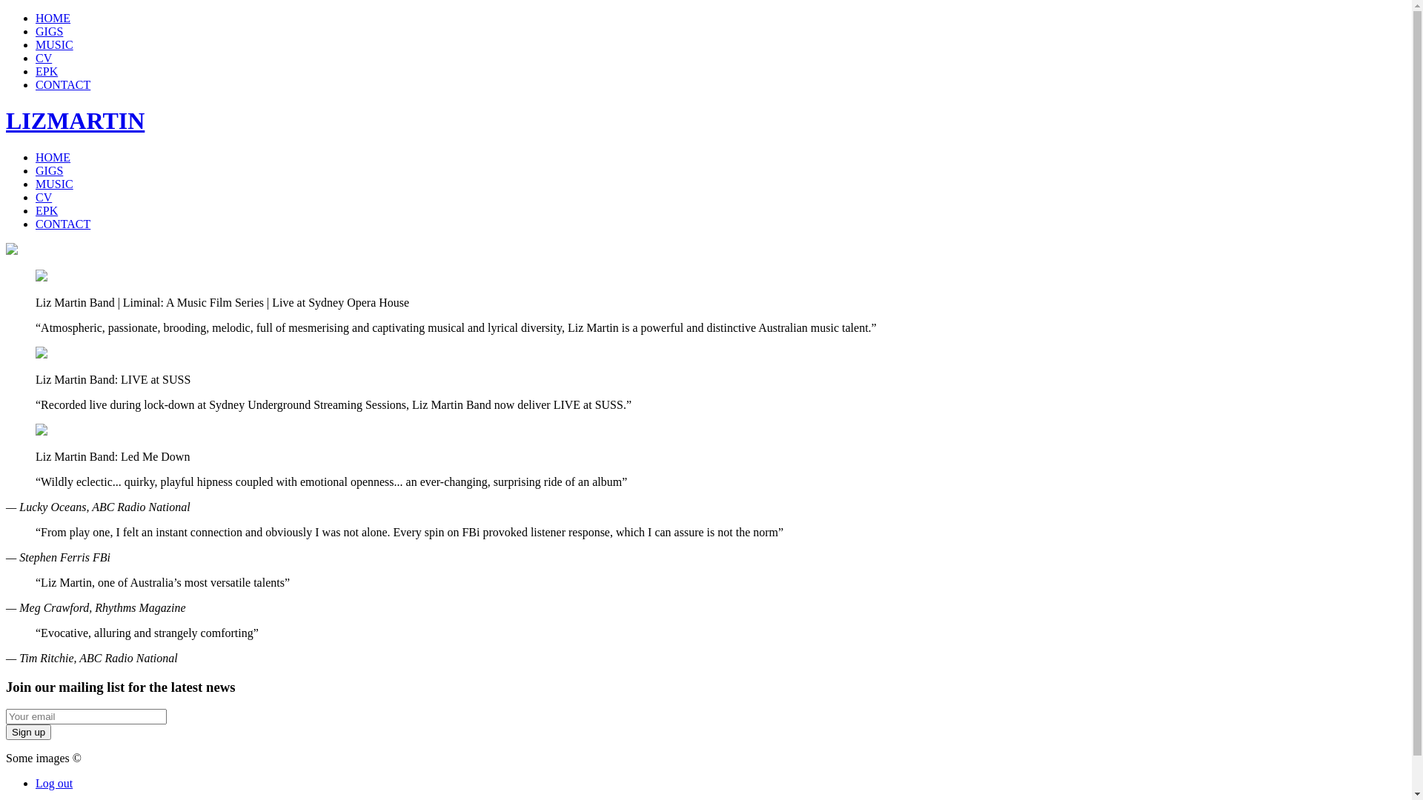 This screenshot has width=1423, height=800. I want to click on 'EPK', so click(46, 71).